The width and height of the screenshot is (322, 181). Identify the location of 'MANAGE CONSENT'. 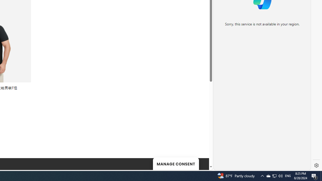
(176, 163).